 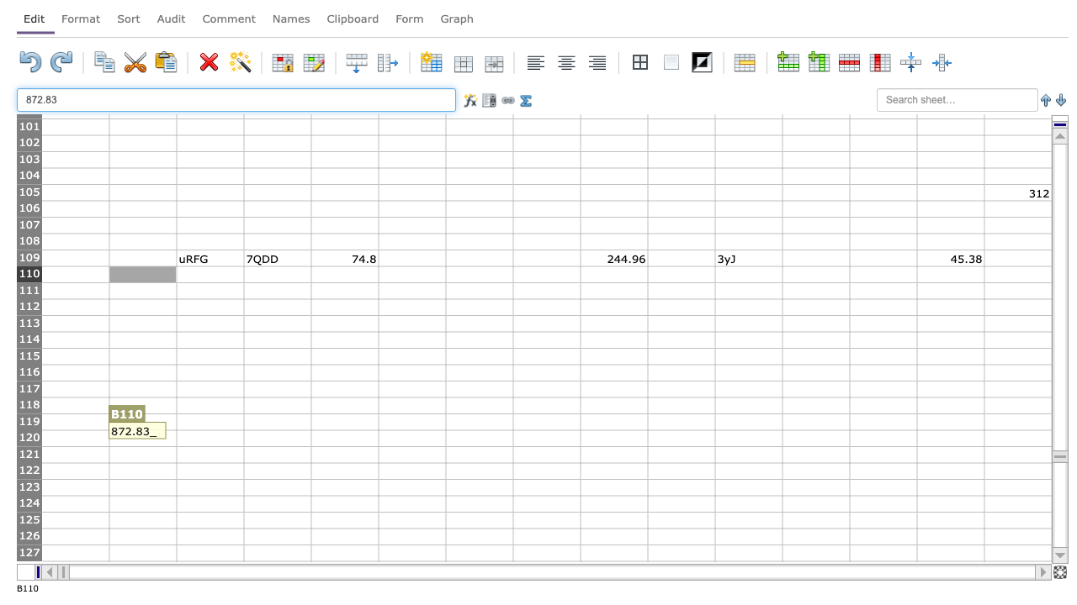 I want to click on column E row 120, so click(x=343, y=437).